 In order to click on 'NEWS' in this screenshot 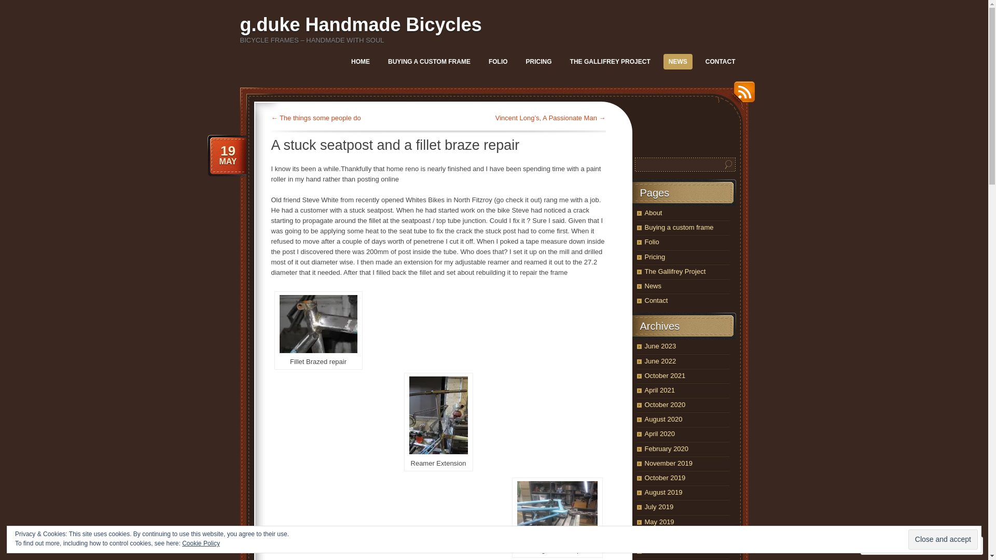, I will do `click(677, 62)`.